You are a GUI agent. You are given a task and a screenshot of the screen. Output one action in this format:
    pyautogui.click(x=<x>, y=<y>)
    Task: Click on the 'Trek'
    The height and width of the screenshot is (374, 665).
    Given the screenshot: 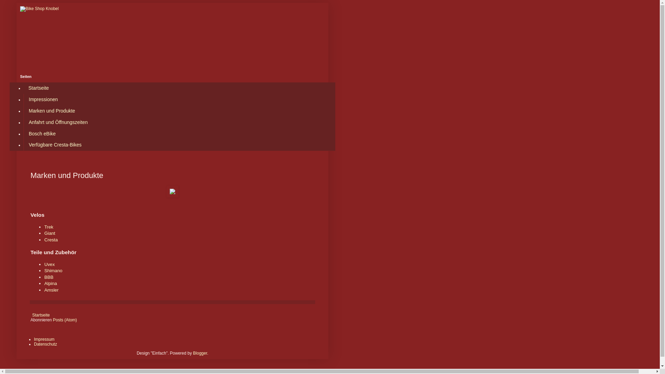 What is the action you would take?
    pyautogui.click(x=48, y=227)
    